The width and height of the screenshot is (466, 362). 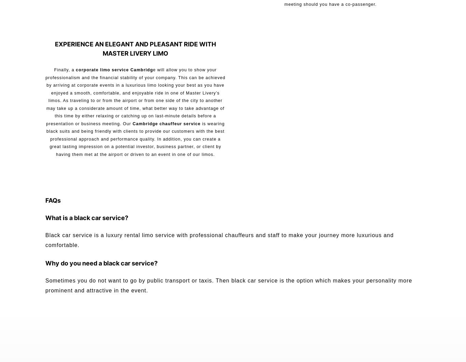 I want to click on 'is wearing black suits and being friendly with clients to provide our customers with the best professional approach and performance quality. In addition, you can create a great lasting impression on a potential investor, business partner, or client by having them met at the airport or driven to an event in one of our limos.', so click(x=135, y=139).